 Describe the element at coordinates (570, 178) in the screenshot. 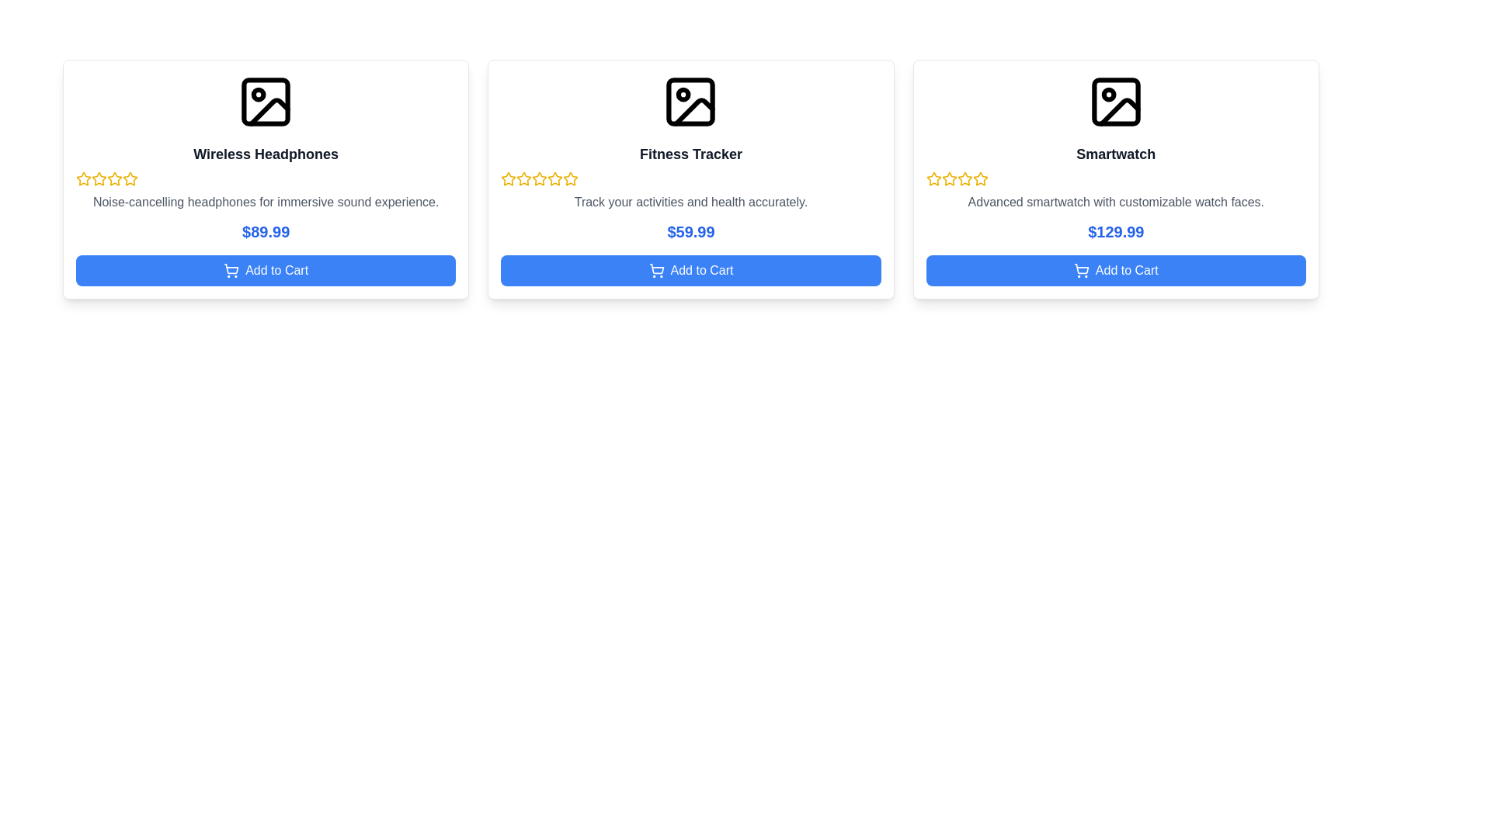

I see `the fourth yellow star icon from the left in the rating system under the 'Fitness Tracker' description card to interact with the rating system` at that location.